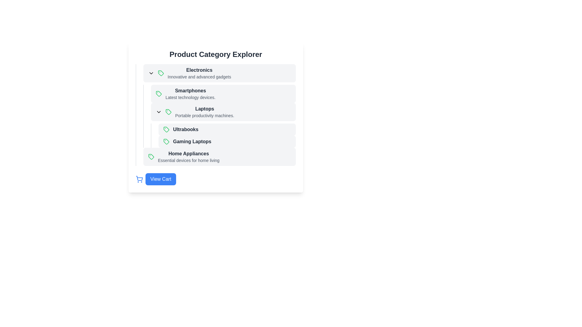  What do you see at coordinates (139, 179) in the screenshot?
I see `the shopping cart icon, which is blue and located to the left of the 'View Cart' button in the bottom section of the product categories panel` at bounding box center [139, 179].